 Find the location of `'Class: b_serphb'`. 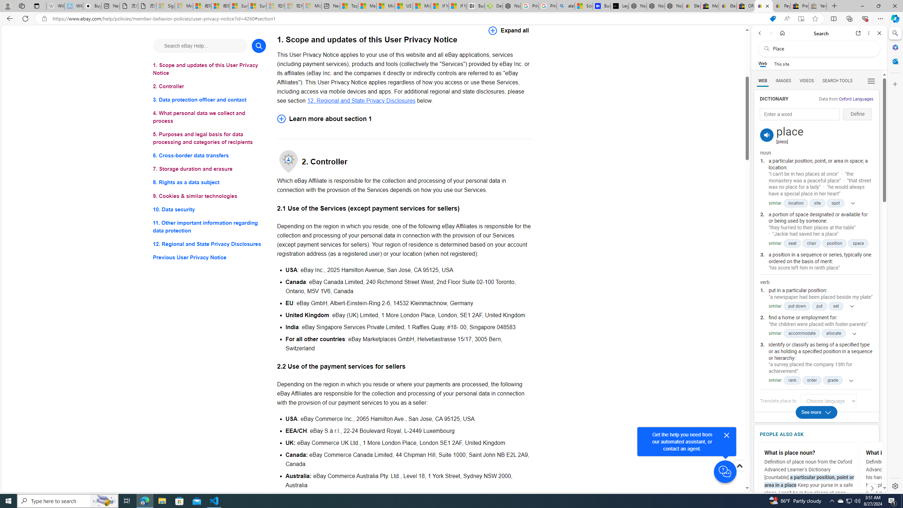

'Class: b_serphb' is located at coordinates (871, 81).